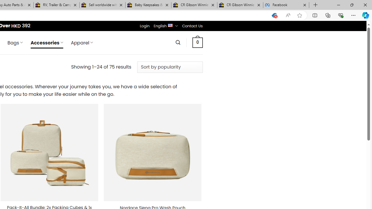  Describe the element at coordinates (365, 15) in the screenshot. I see `'Copilot (Ctrl+Shift+.)'` at that location.